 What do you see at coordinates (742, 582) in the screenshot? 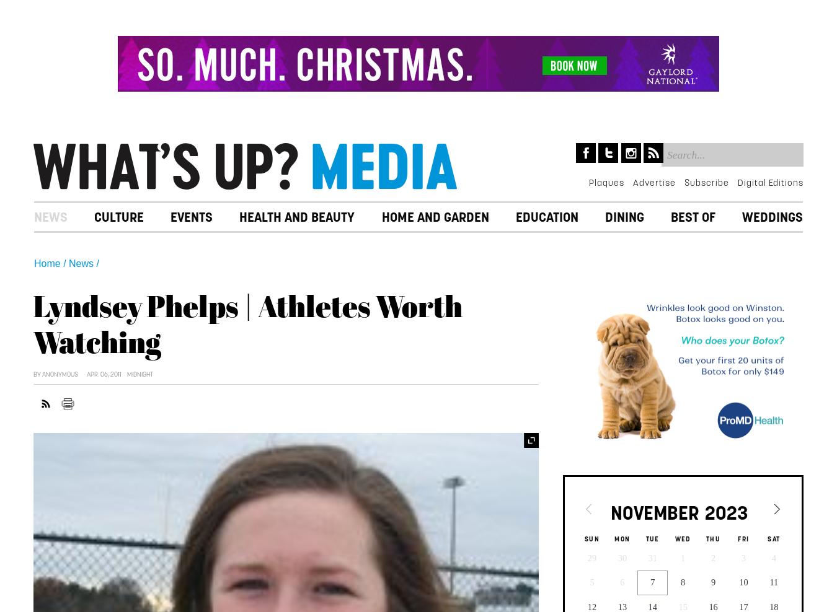
I see `'10'` at bounding box center [742, 582].